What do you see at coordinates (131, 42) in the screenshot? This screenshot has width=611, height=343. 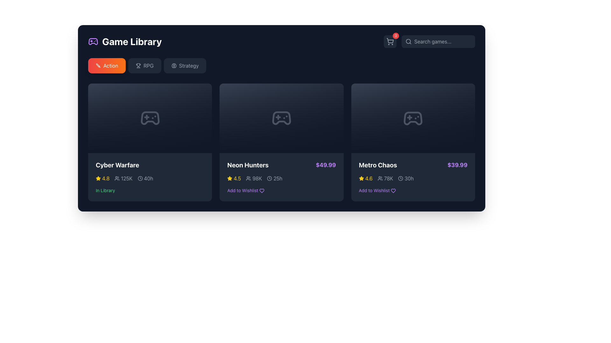 I see `the prominent white text heading displaying 'Game Library', which is positioned in the upper left section of the interface, clearly visible next to a purple gamepad icon` at bounding box center [131, 42].